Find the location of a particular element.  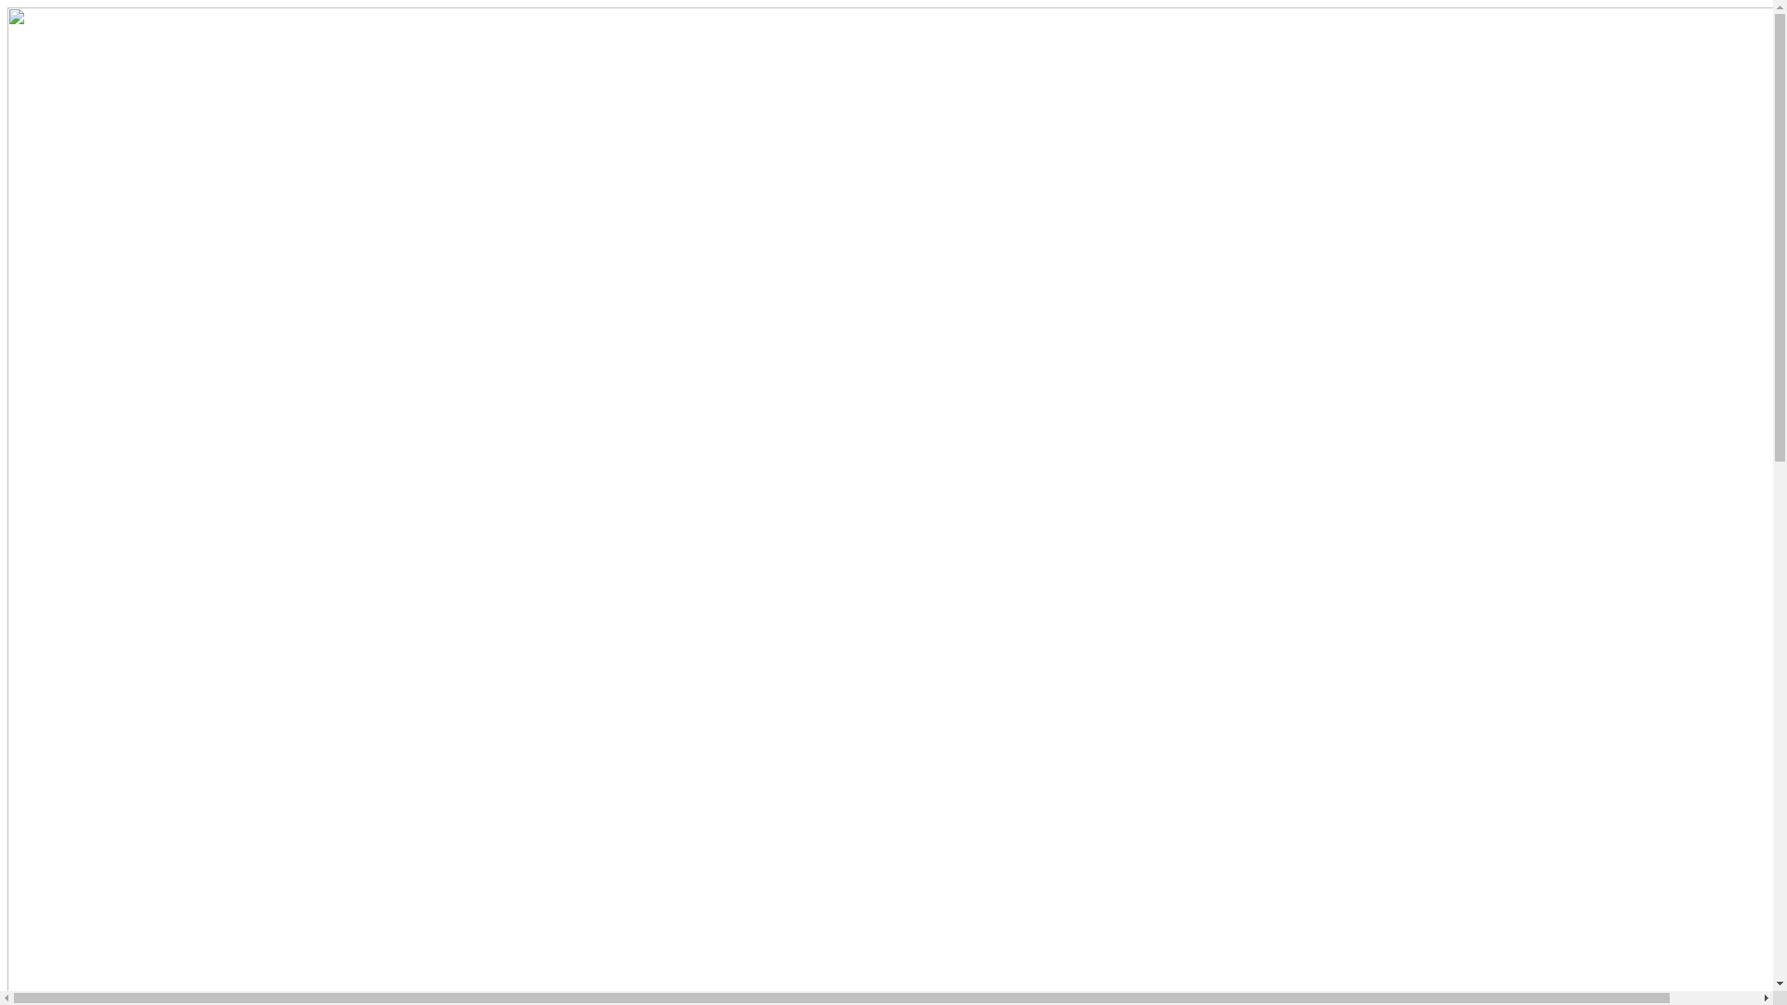

'Zum Inhalt springen' is located at coordinates (7, 7).